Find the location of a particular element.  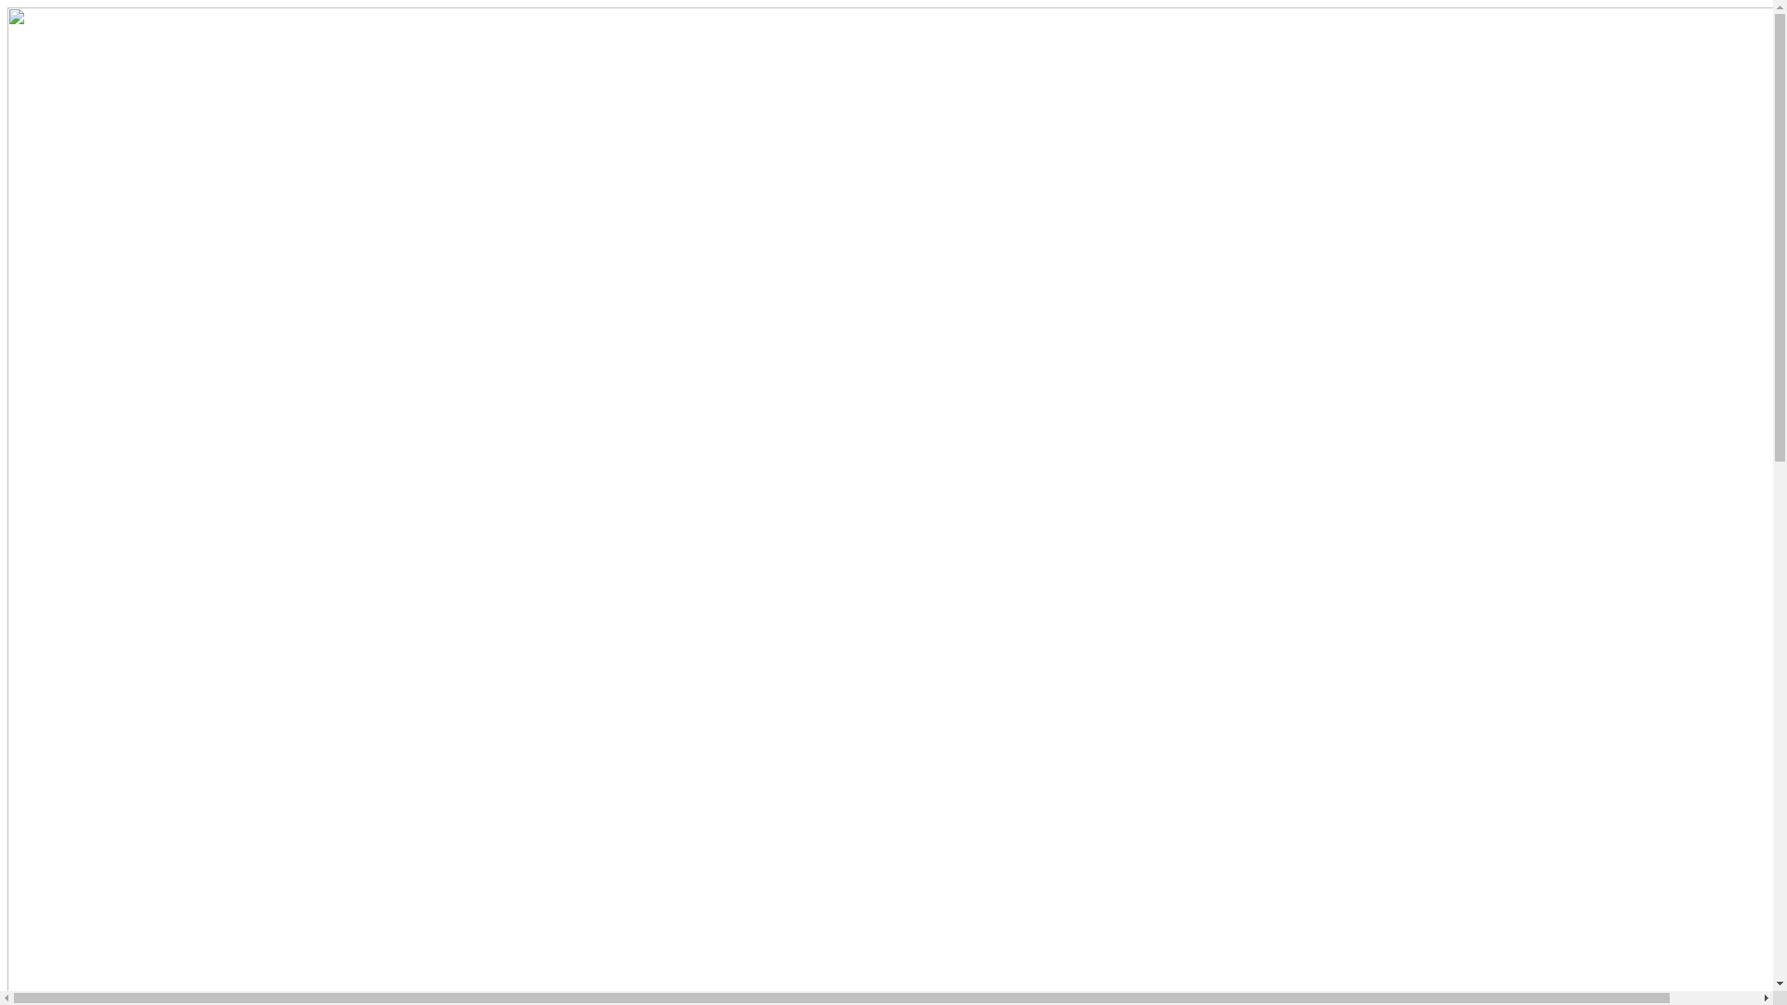

'Zum Inhalt springen' is located at coordinates (7, 7).